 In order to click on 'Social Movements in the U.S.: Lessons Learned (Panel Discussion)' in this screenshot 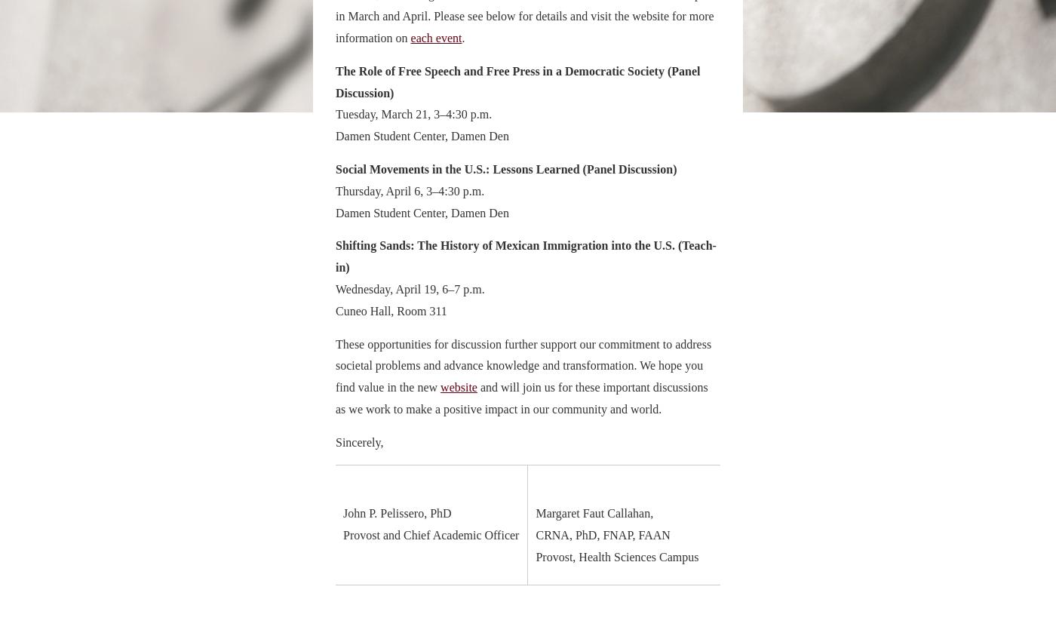, I will do `click(506, 168)`.